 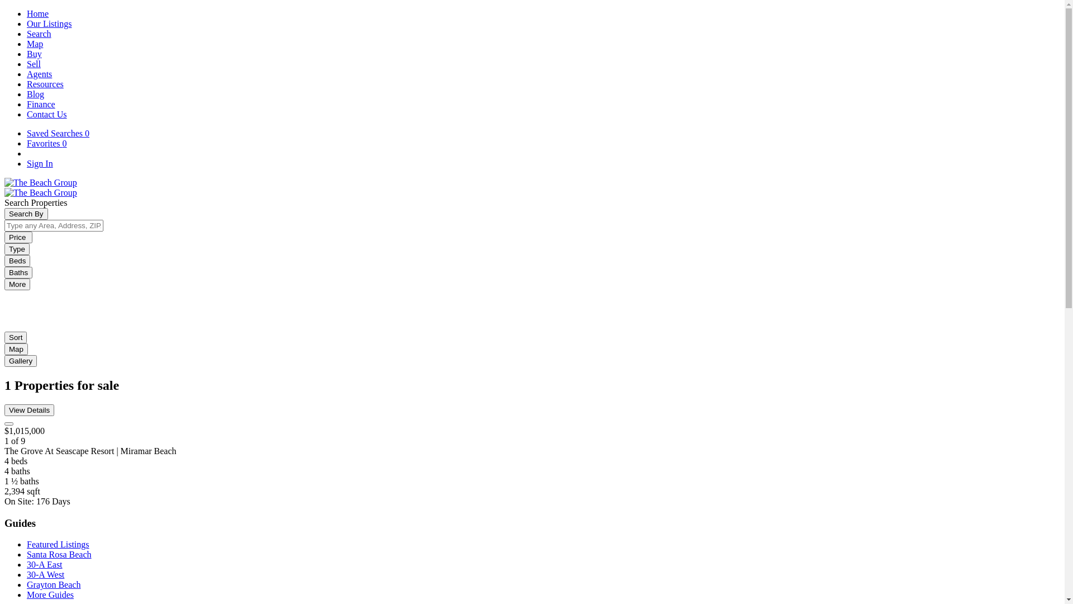 I want to click on 'Santa Rosa Beach', so click(x=58, y=554).